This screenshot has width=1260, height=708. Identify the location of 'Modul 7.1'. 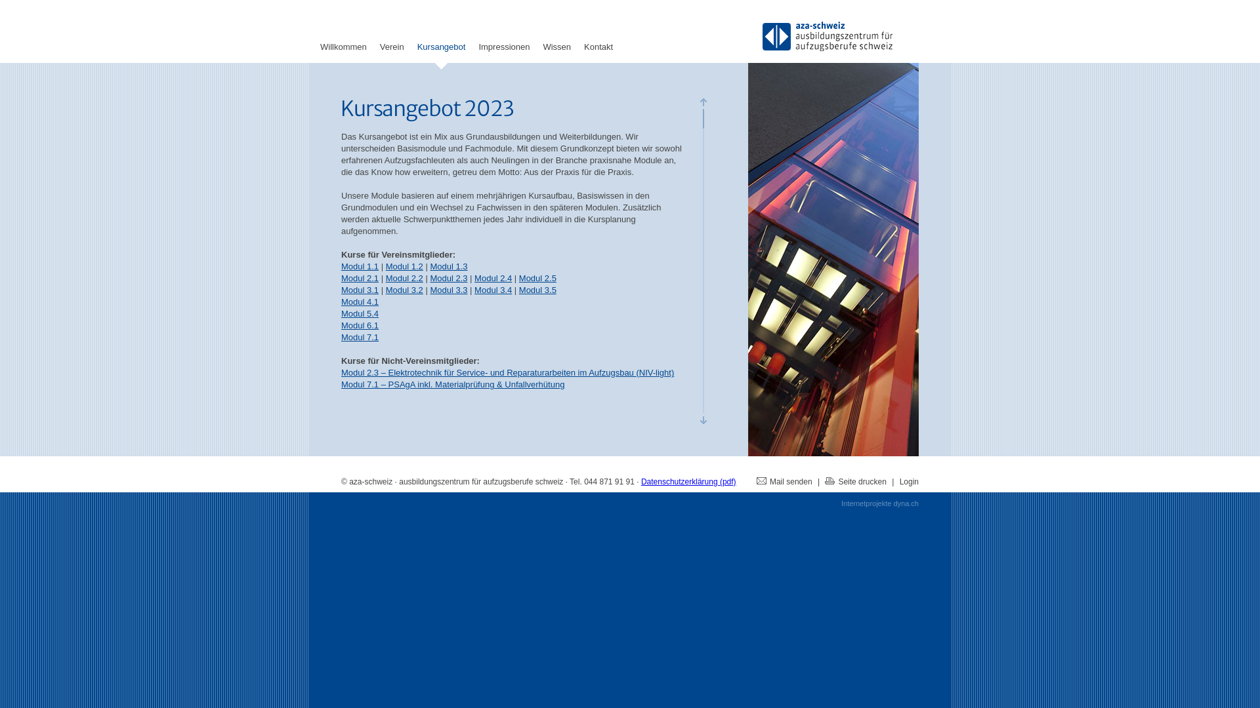
(360, 336).